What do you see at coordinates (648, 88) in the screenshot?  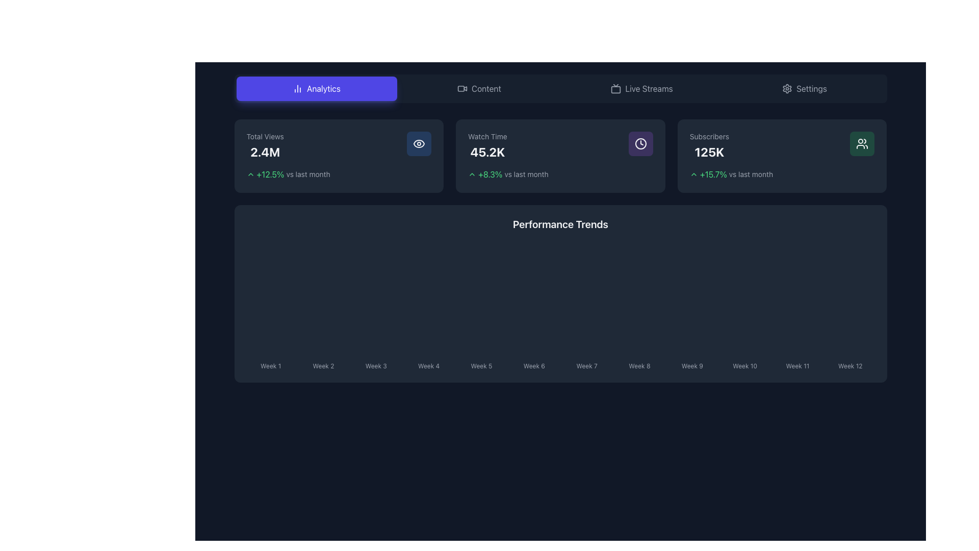 I see `the text label element that serves as a navigation option for live streaming functionalities, located to the left of an SVG TV icon and to the right of the 'Settings' label in the navigation bar` at bounding box center [648, 88].